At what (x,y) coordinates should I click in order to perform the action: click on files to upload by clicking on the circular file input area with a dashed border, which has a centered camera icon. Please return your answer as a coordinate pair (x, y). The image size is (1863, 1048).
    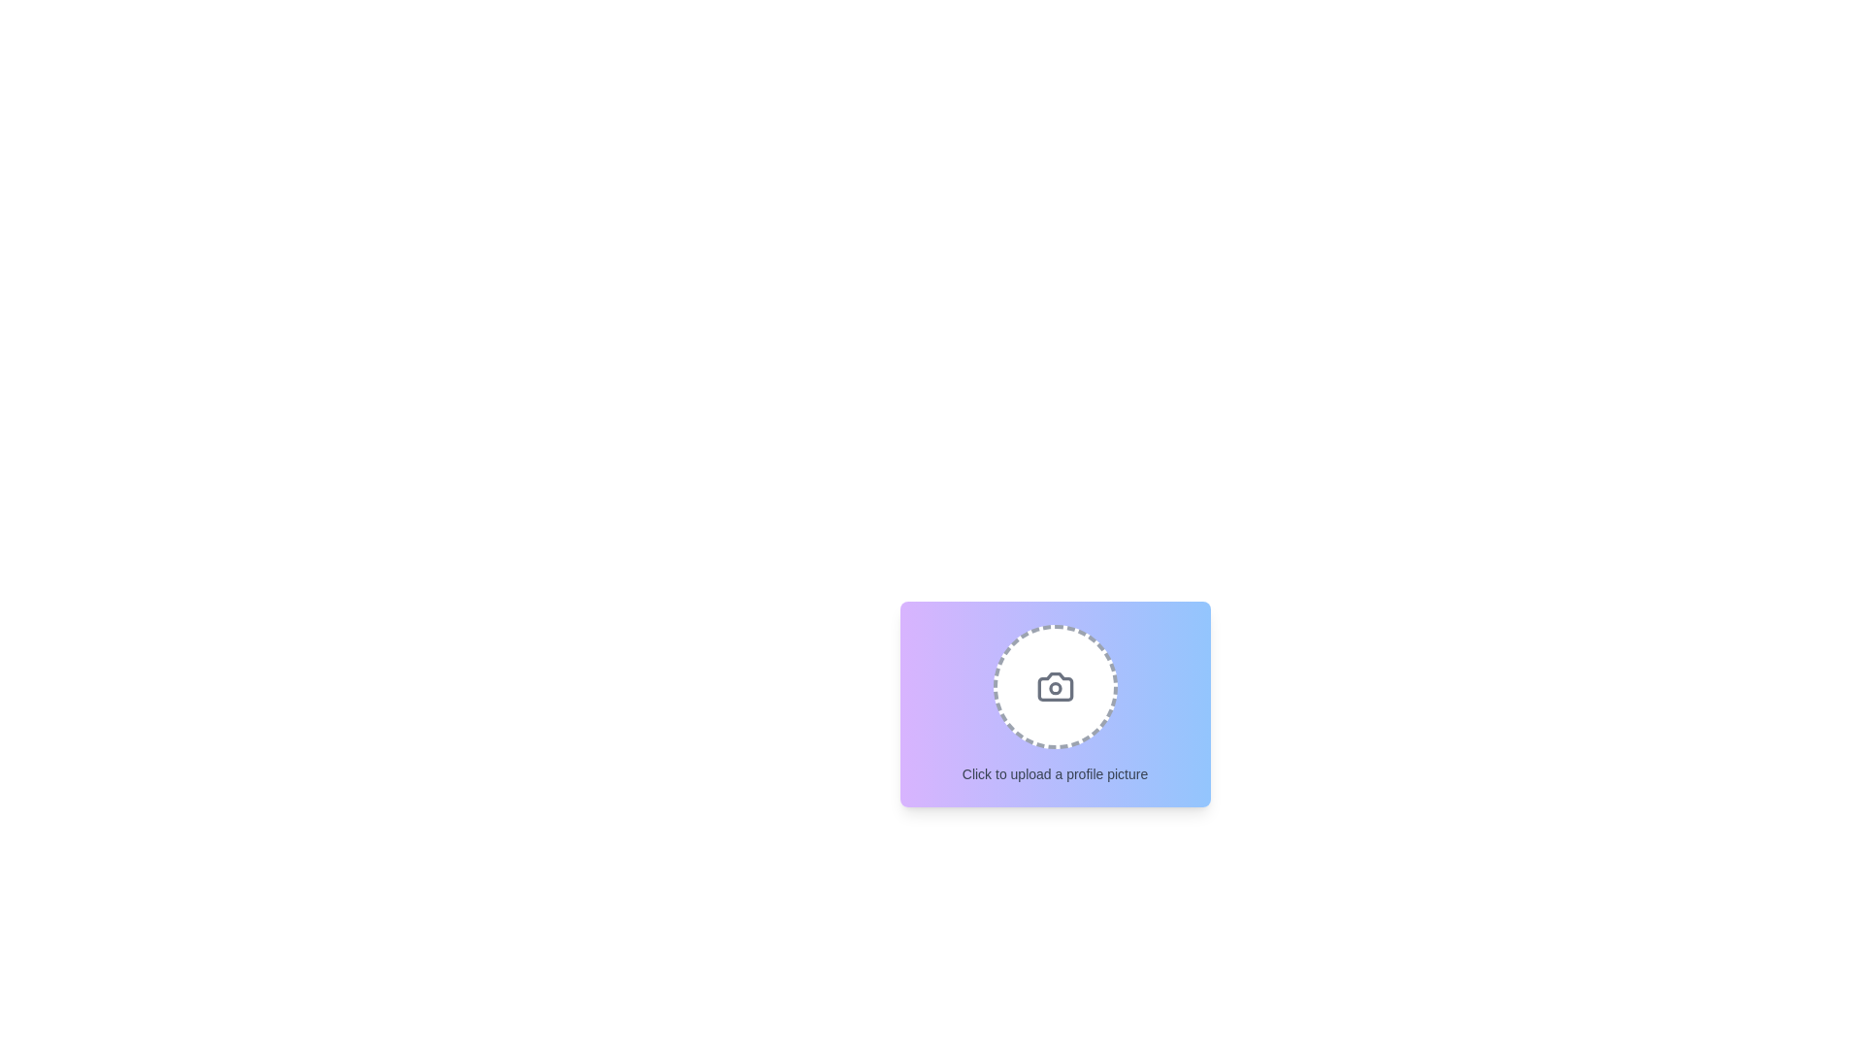
    Looking at the image, I should click on (1054, 686).